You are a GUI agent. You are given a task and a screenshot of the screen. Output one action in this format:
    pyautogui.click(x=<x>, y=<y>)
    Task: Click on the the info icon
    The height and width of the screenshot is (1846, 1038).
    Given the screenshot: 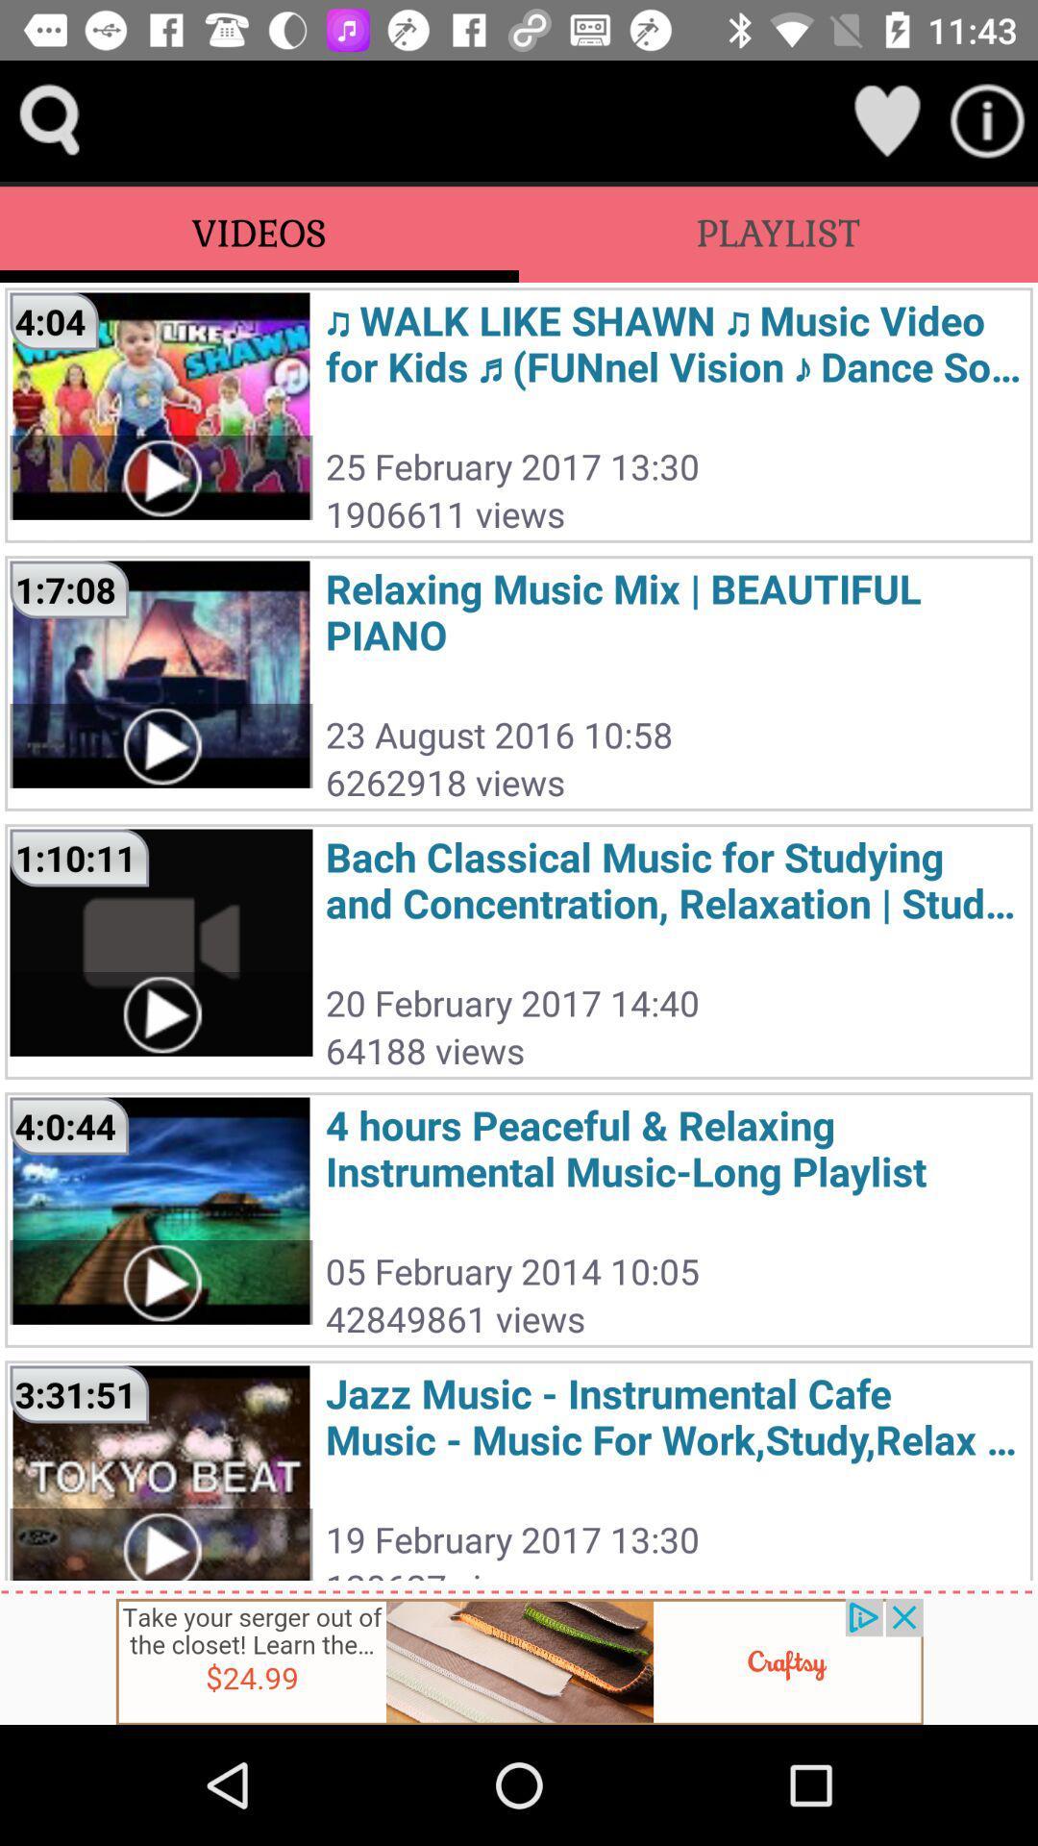 What is the action you would take?
    pyautogui.click(x=987, y=119)
    